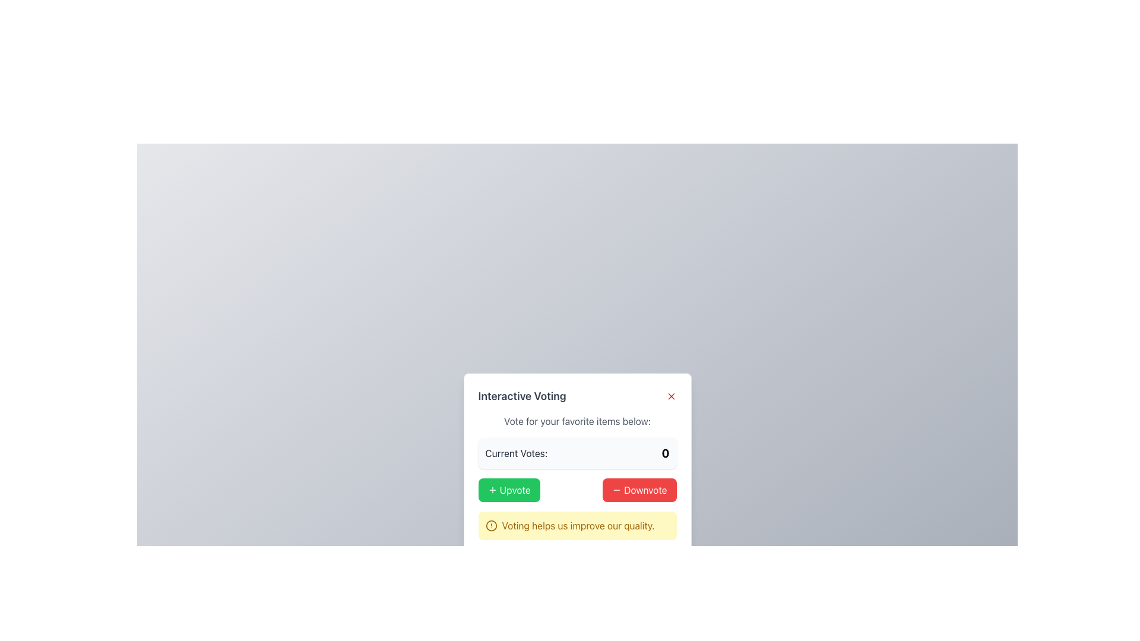 Image resolution: width=1140 pixels, height=641 pixels. I want to click on the label indicating the purpose of the adjacent numeric value displaying the current number of votes, located in the top-left corner of the section, so click(516, 453).